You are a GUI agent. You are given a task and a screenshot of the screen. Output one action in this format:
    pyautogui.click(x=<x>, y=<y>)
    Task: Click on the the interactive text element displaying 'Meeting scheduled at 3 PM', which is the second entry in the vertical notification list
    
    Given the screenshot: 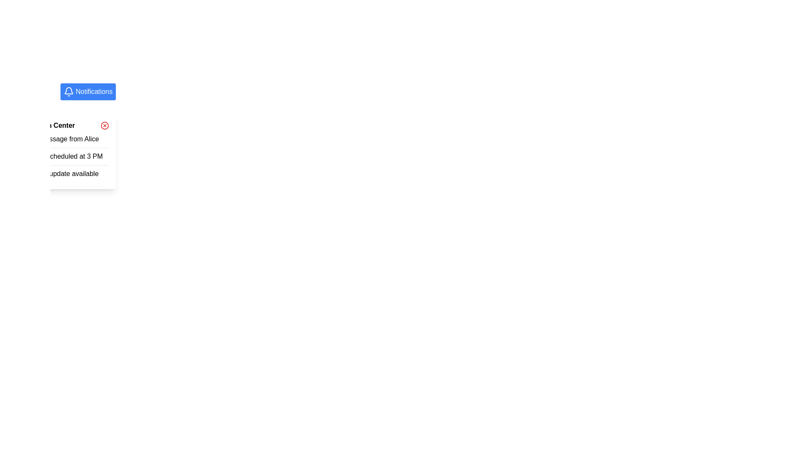 What is the action you would take?
    pyautogui.click(x=61, y=156)
    